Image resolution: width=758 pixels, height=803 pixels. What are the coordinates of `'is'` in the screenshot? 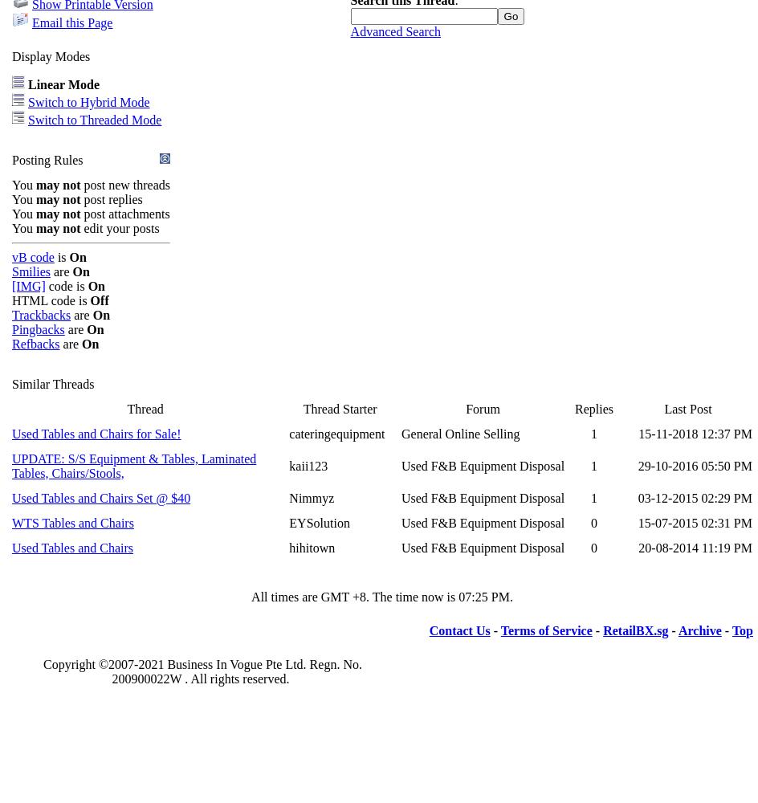 It's located at (60, 255).